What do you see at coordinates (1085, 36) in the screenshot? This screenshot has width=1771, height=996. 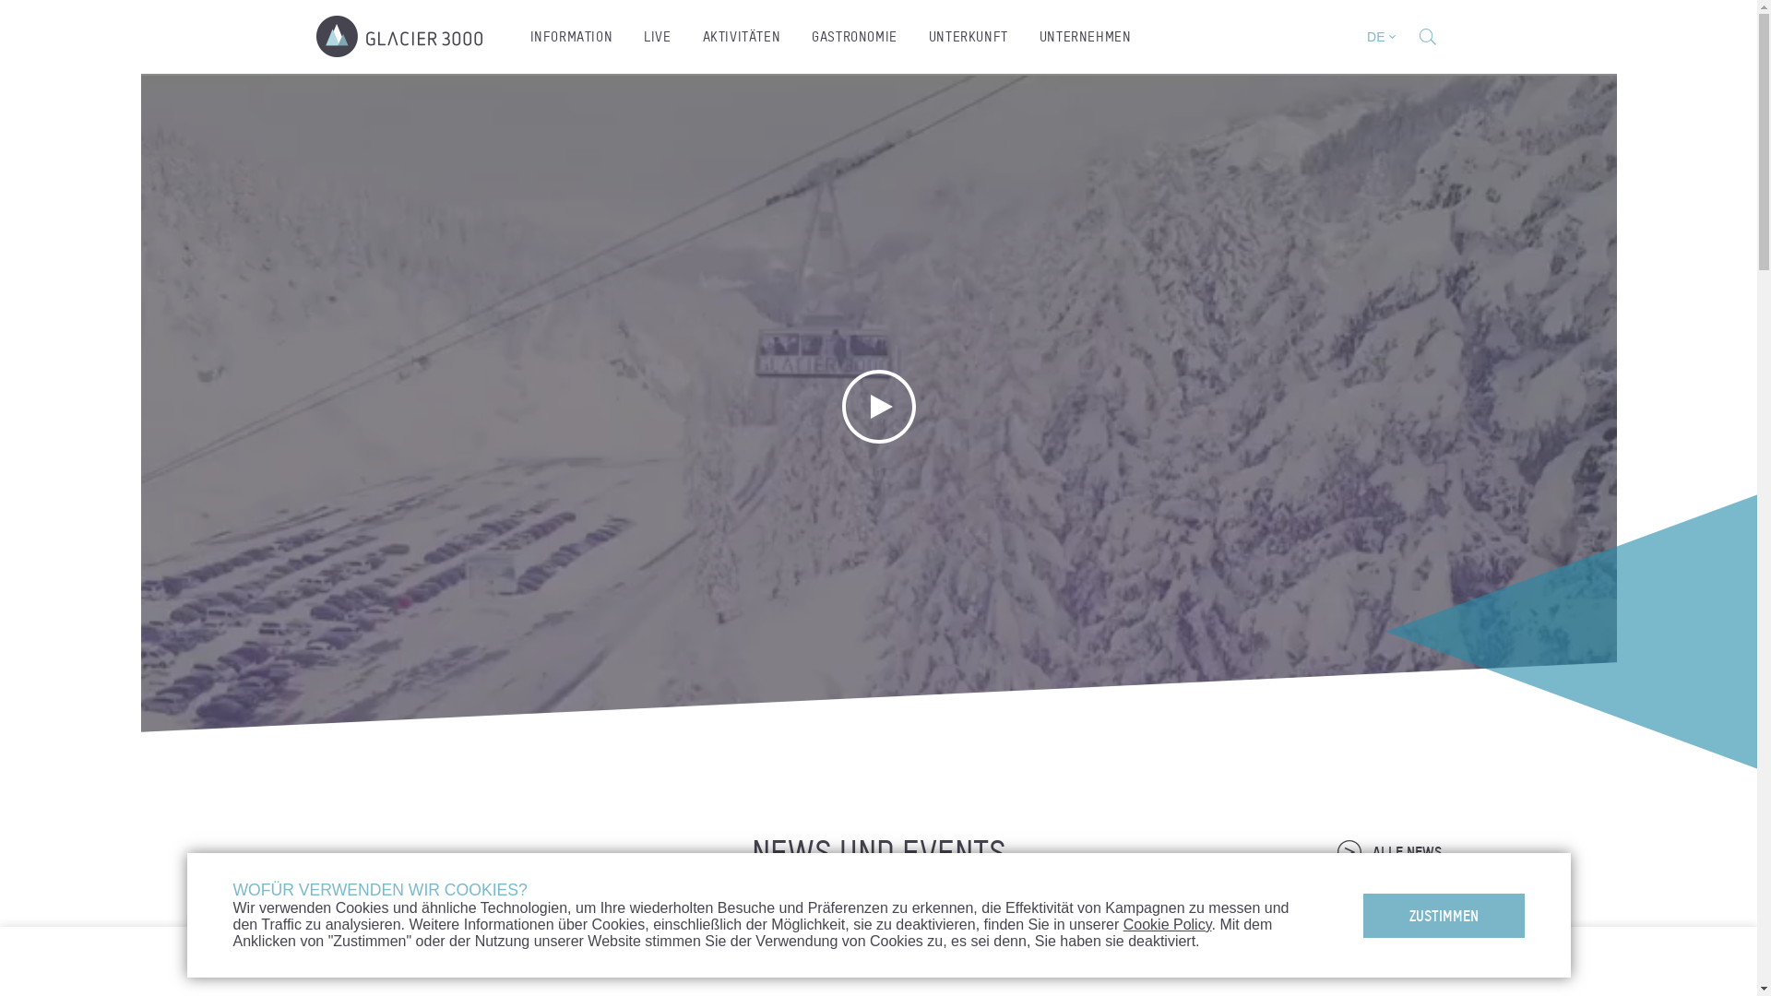 I see `'UNTERNEHMEN'` at bounding box center [1085, 36].